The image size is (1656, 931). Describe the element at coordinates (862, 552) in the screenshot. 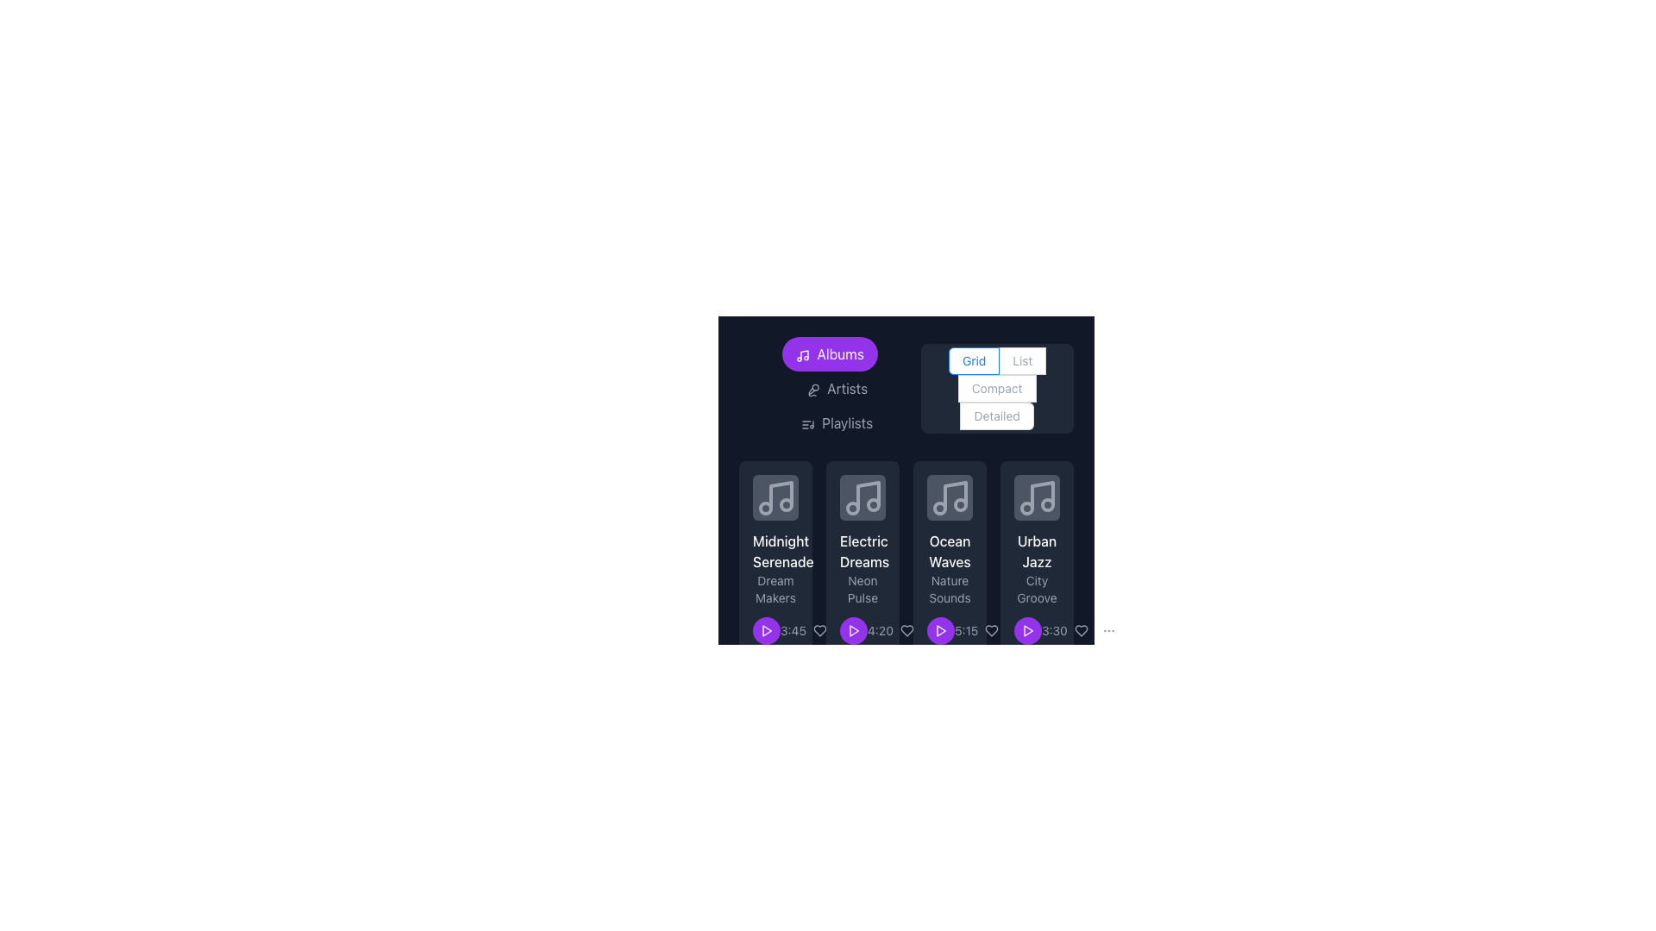

I see `the title text element of the music item card, located in the second column of the grid layout, positioned beneath the image area and above the subtitle 'Neon Pulse'` at that location.